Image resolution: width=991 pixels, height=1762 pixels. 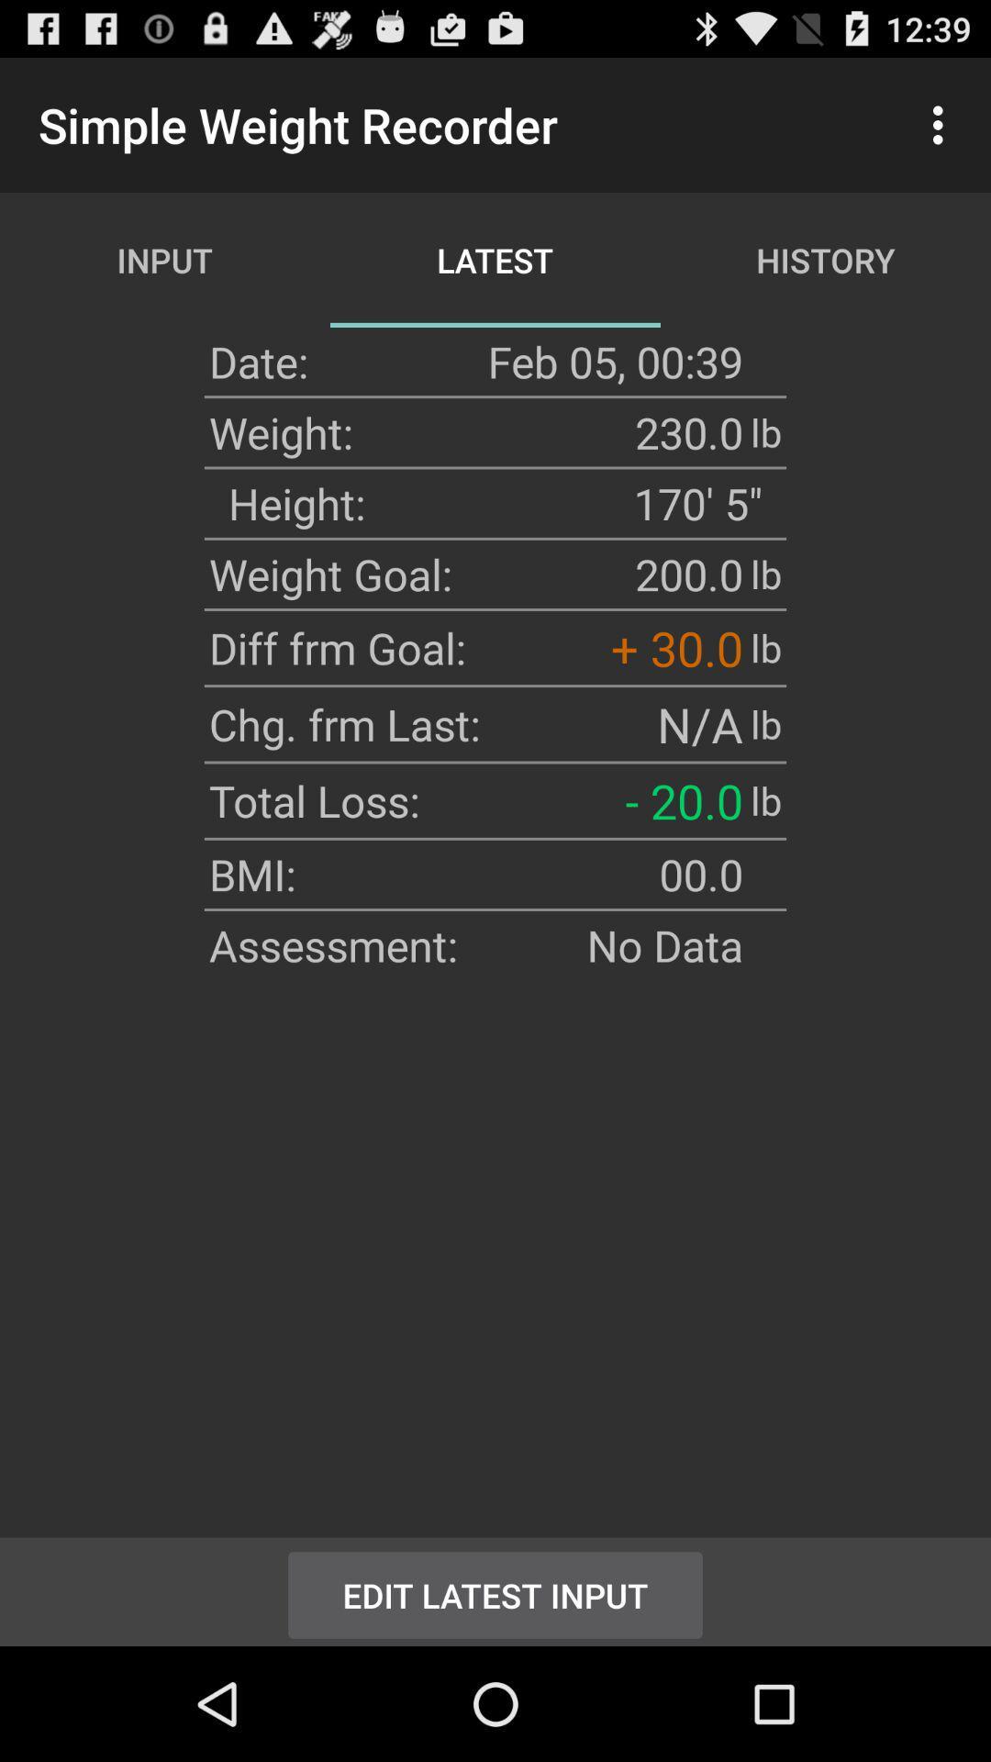 I want to click on edit latest input icon, so click(x=495, y=1590).